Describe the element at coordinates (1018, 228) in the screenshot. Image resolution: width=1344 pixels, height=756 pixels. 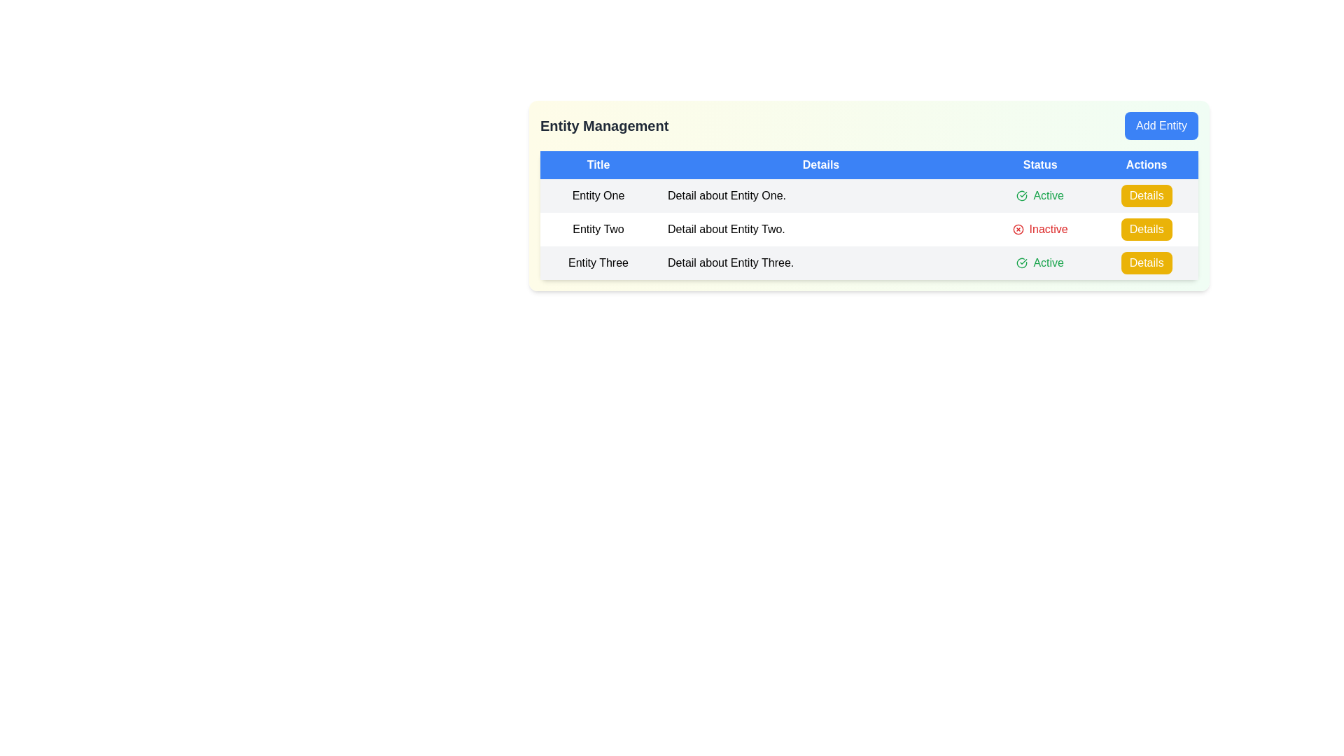
I see `the inactive status icon located in the 'Status' column of the second row in the table, which visually represents the inactive state and is adjacent to the text 'Inactive'` at that location.